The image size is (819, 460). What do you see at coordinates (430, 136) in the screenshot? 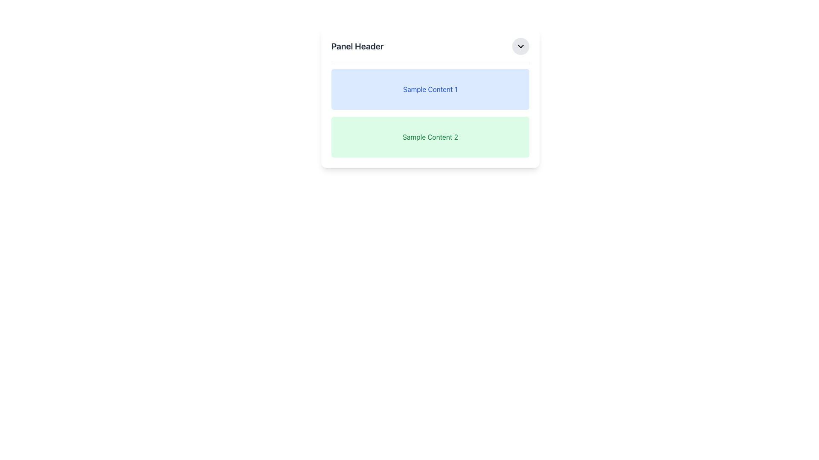
I see `the Static Content Box with a light green background and centered text 'Sample Content 2', positioned below 'Sample Content 1'` at bounding box center [430, 136].